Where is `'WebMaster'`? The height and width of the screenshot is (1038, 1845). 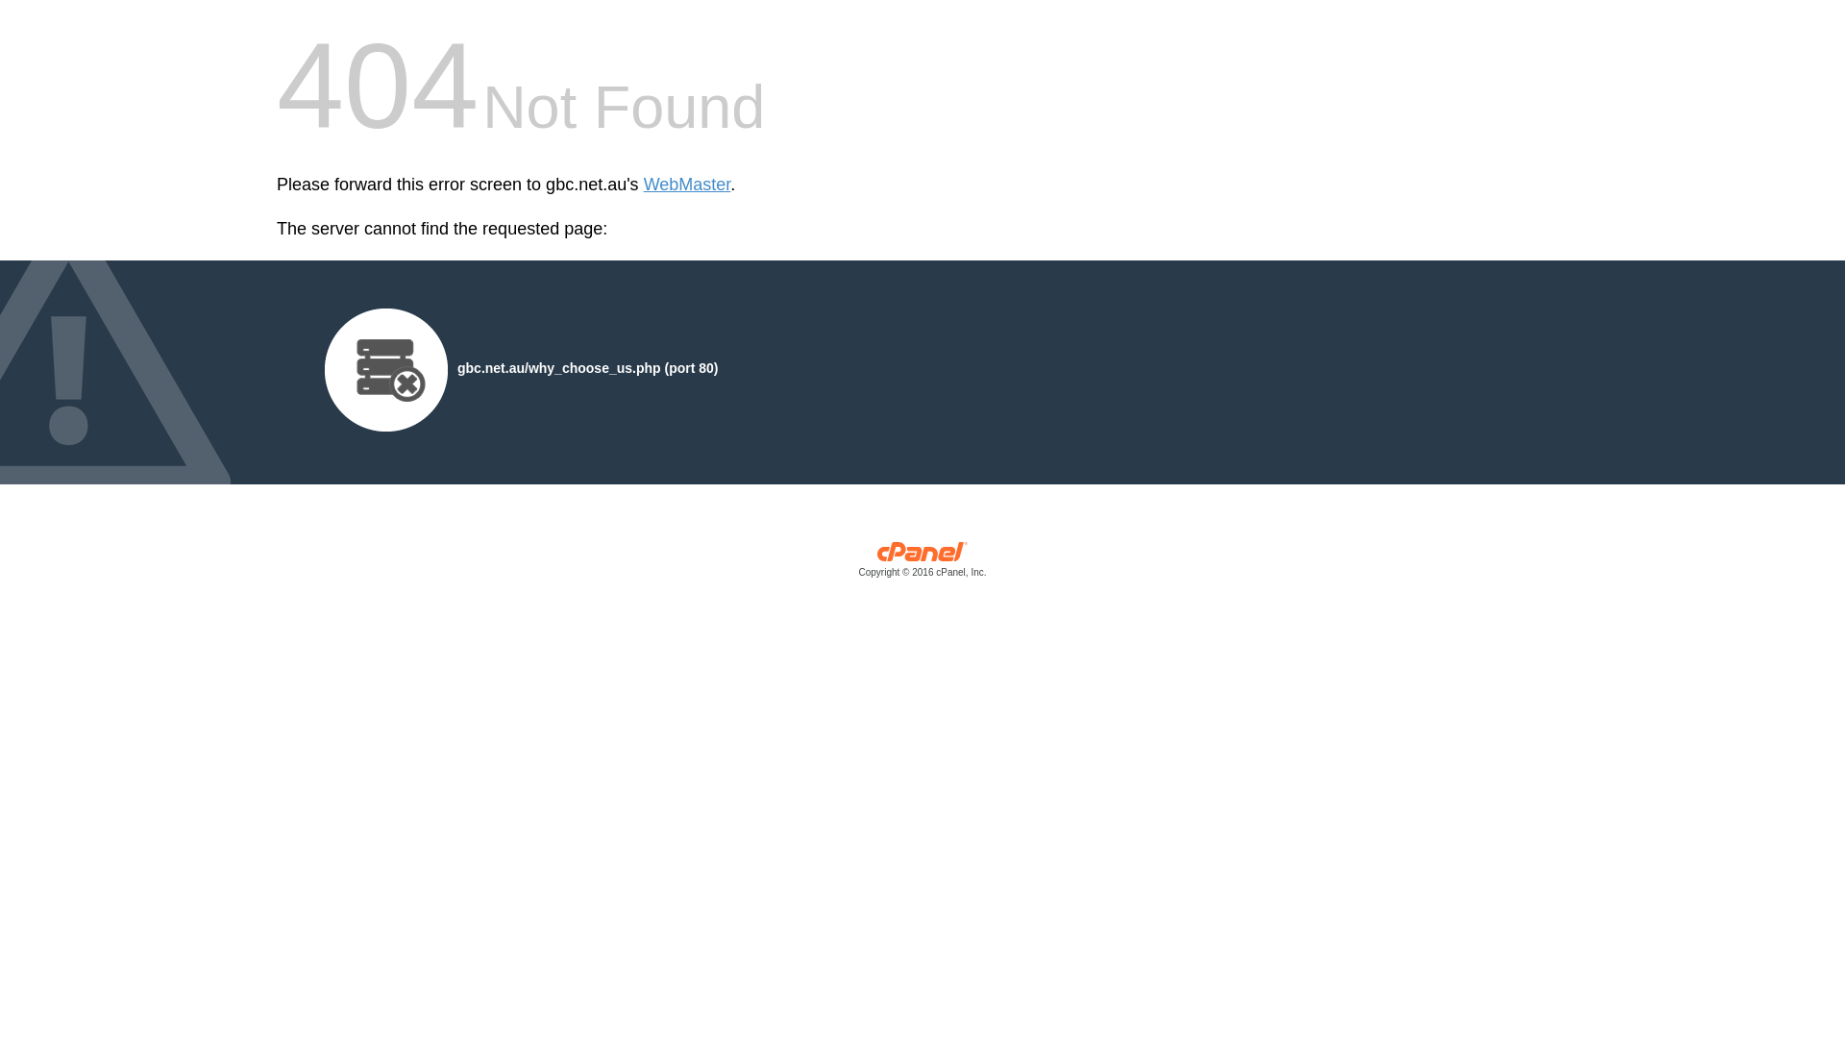
'WebMaster' is located at coordinates (687, 185).